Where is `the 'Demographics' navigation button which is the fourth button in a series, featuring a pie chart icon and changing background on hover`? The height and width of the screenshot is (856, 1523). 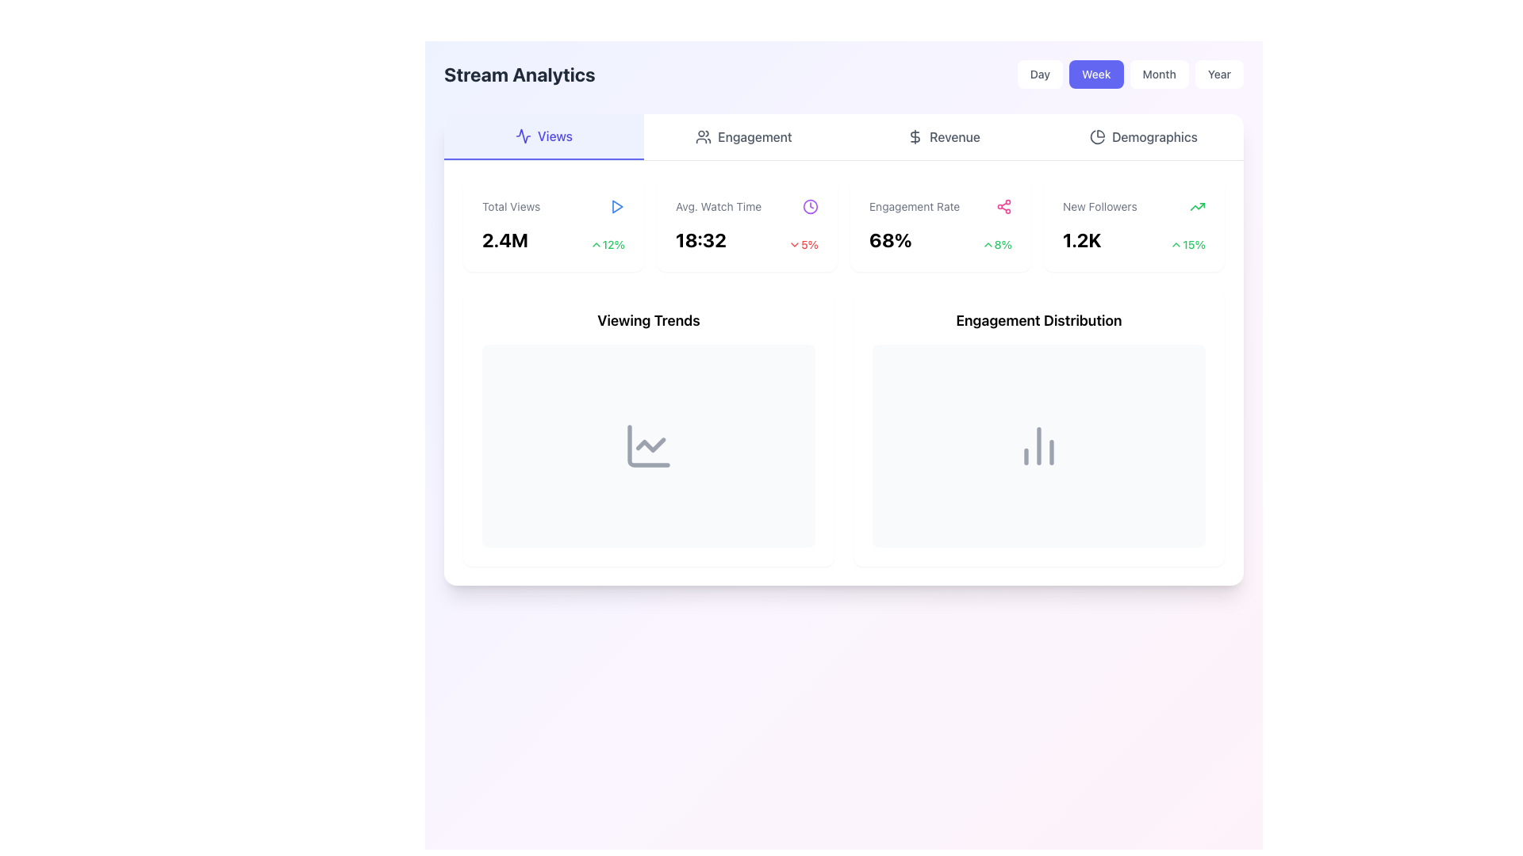
the 'Demographics' navigation button which is the fourth button in a series, featuring a pie chart icon and changing background on hover is located at coordinates (1143, 136).